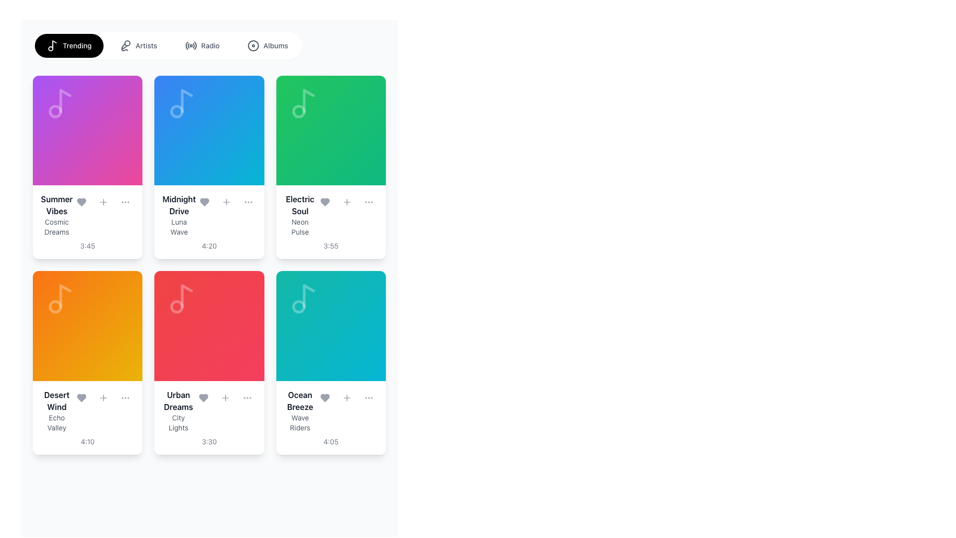 The width and height of the screenshot is (956, 538). I want to click on the 'Trending' button, which has a black background with white text and a musical note icon, so click(69, 46).